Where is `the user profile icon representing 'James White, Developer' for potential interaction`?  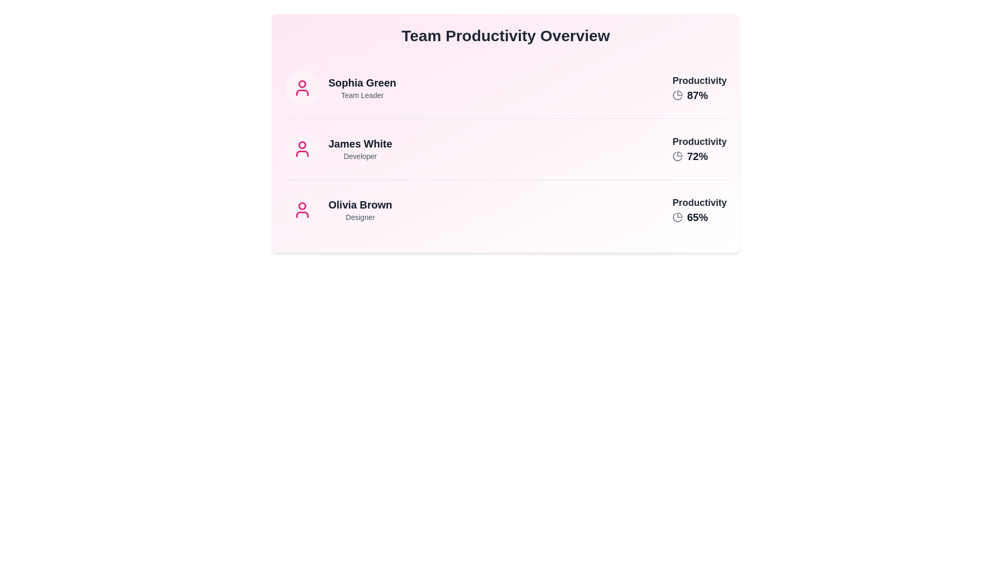 the user profile icon representing 'James White, Developer' for potential interaction is located at coordinates (302, 149).